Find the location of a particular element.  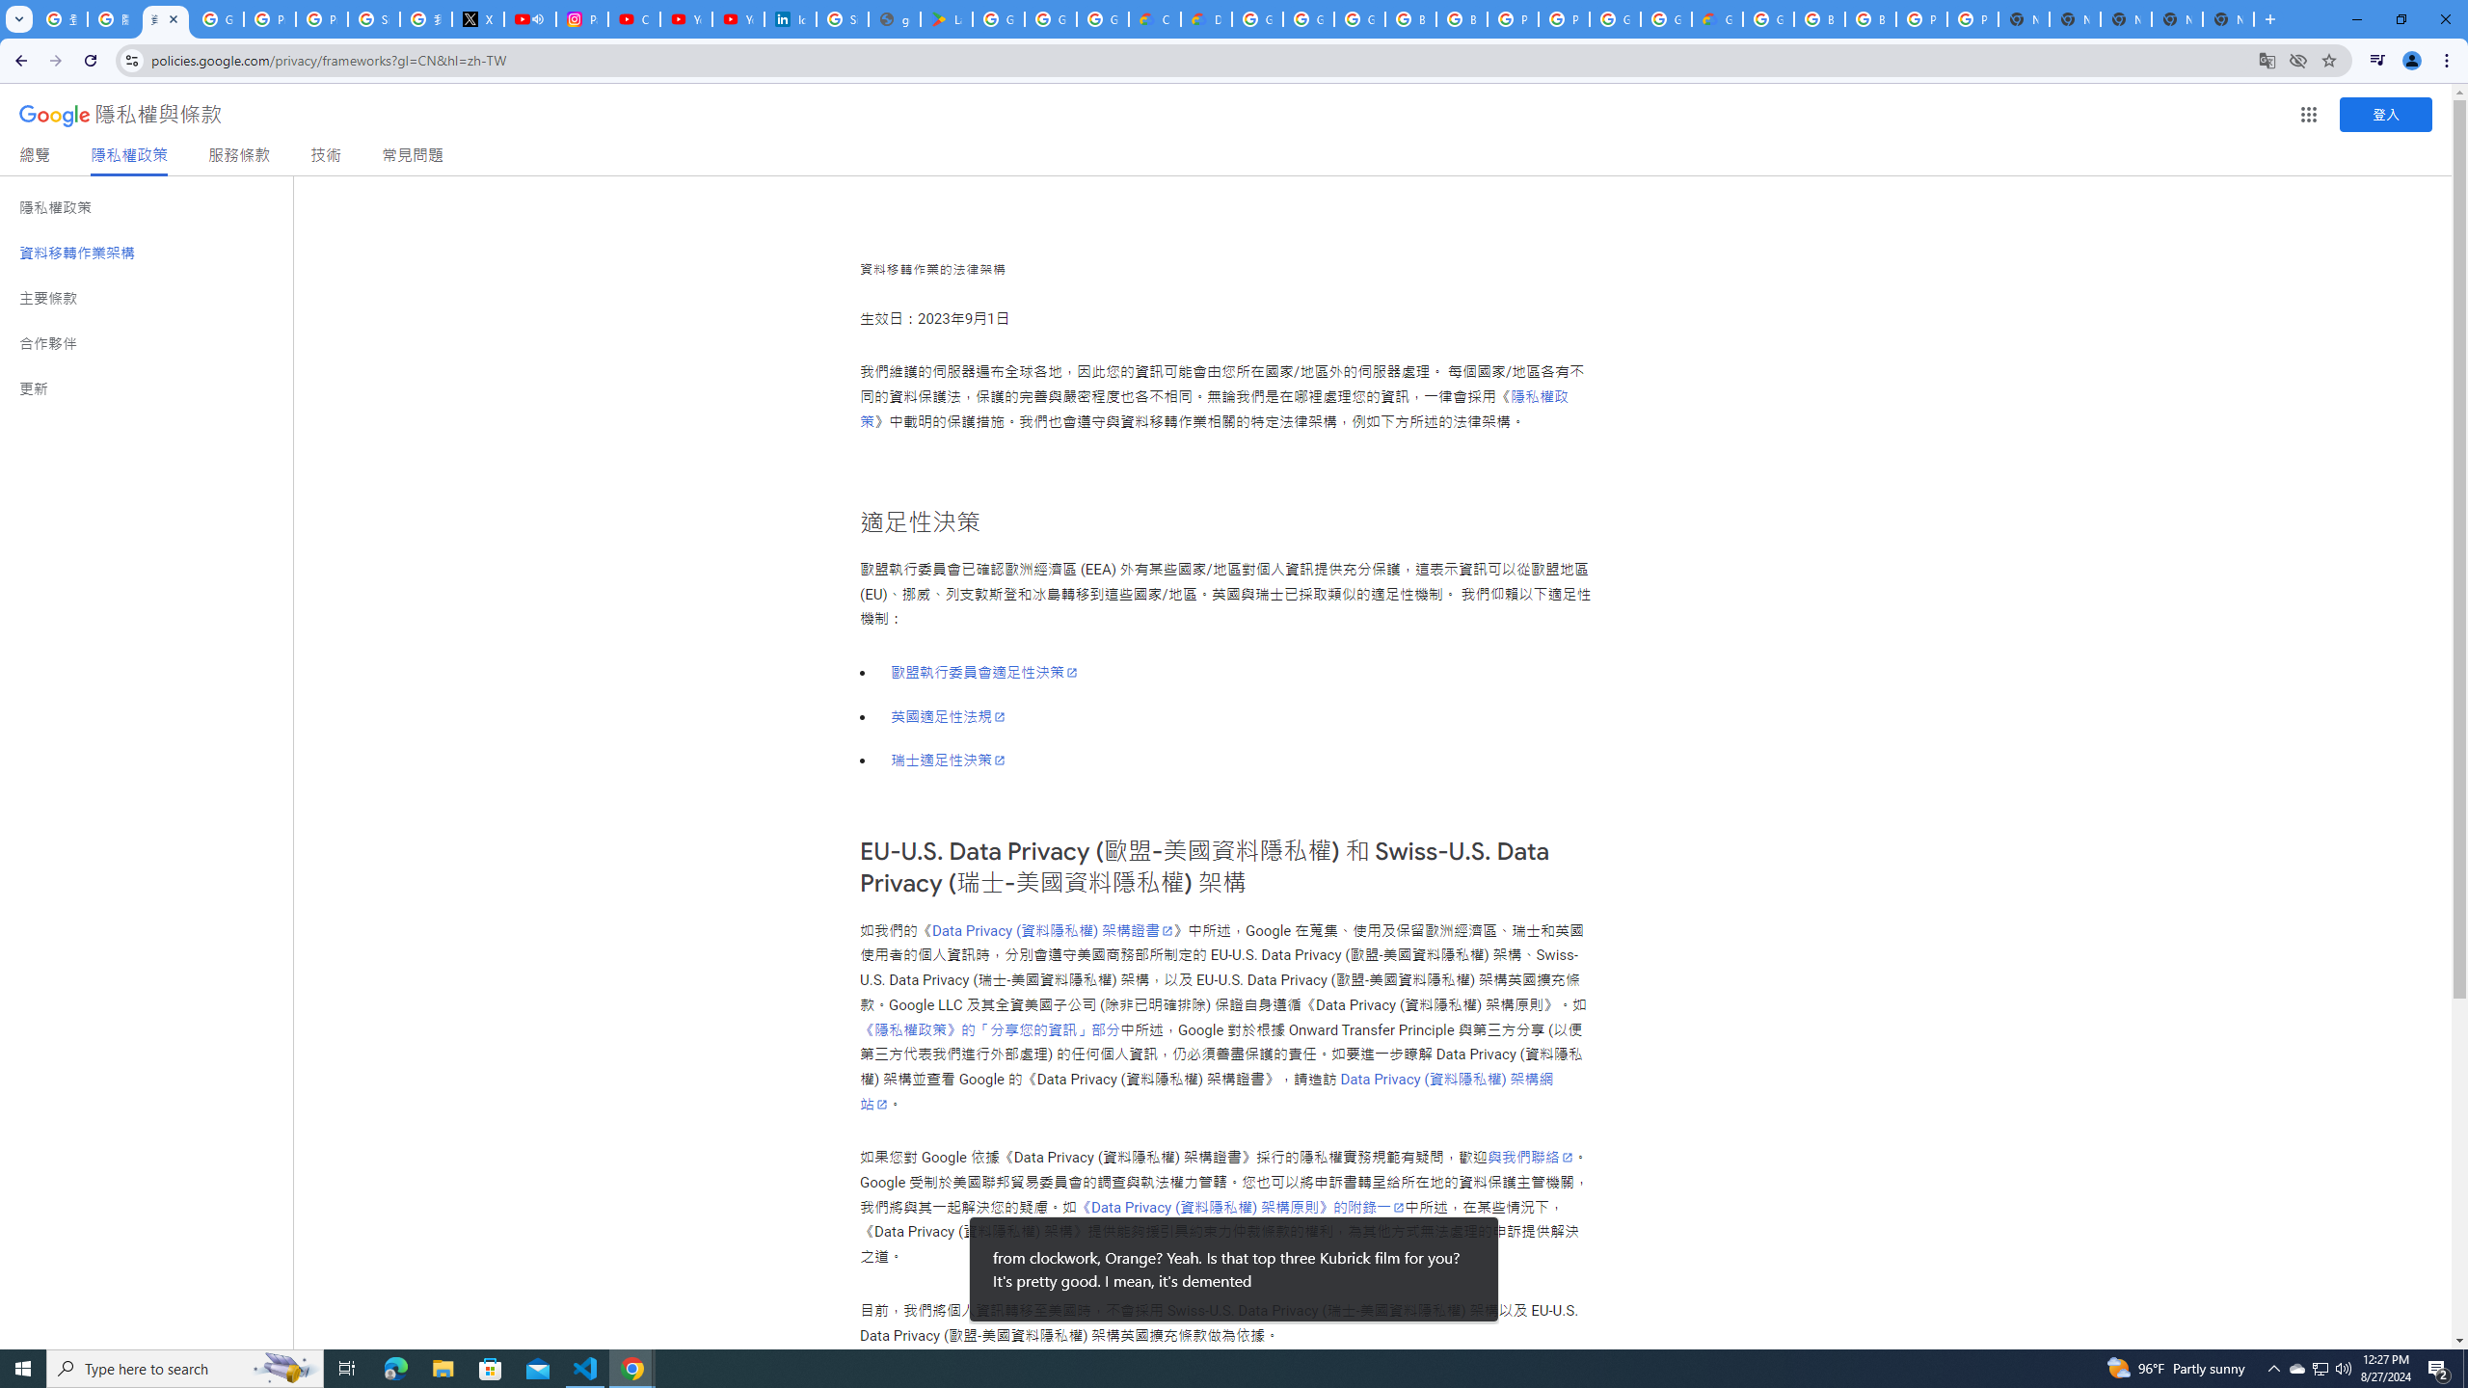

'X' is located at coordinates (478, 18).